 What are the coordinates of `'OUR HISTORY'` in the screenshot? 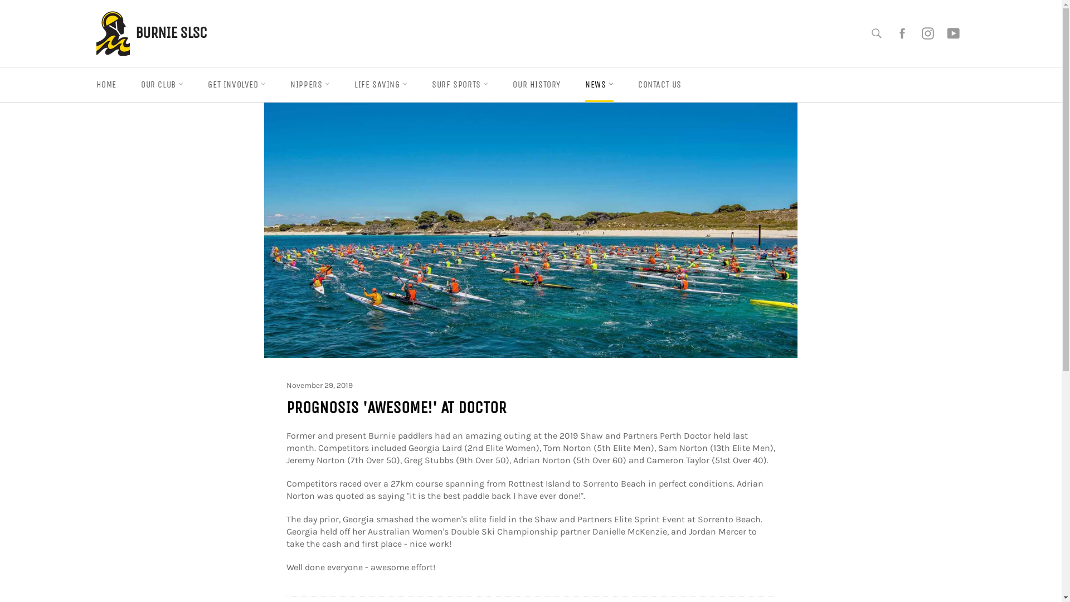 It's located at (537, 84).